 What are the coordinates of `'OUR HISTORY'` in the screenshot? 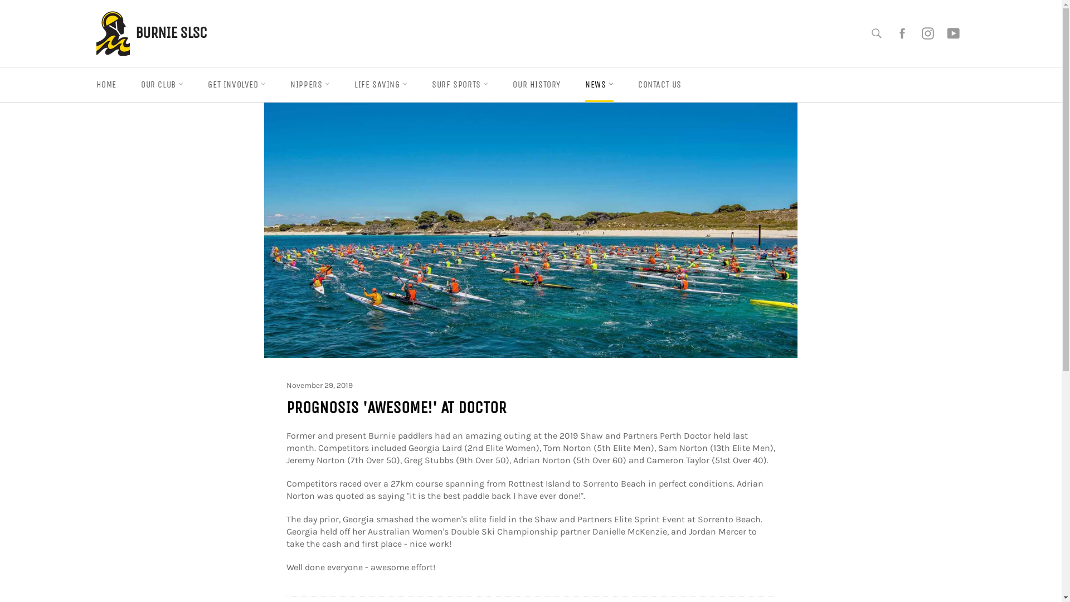 It's located at (537, 84).